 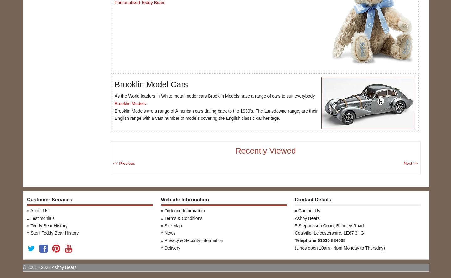 I want to click on 'Brooklin Models are a range of American cars dating back to the 1930's.  The Lansdowne range, are their English range with a vast number of models covering the English classic car heritage.', so click(x=114, y=114).